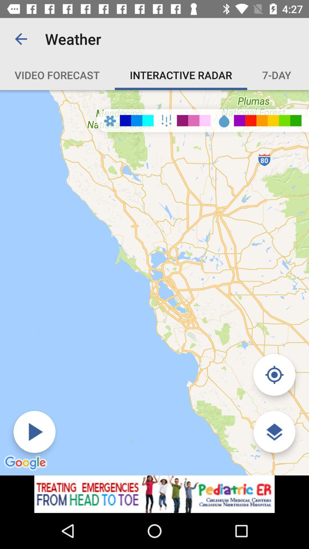  What do you see at coordinates (274, 432) in the screenshot?
I see `customize` at bounding box center [274, 432].